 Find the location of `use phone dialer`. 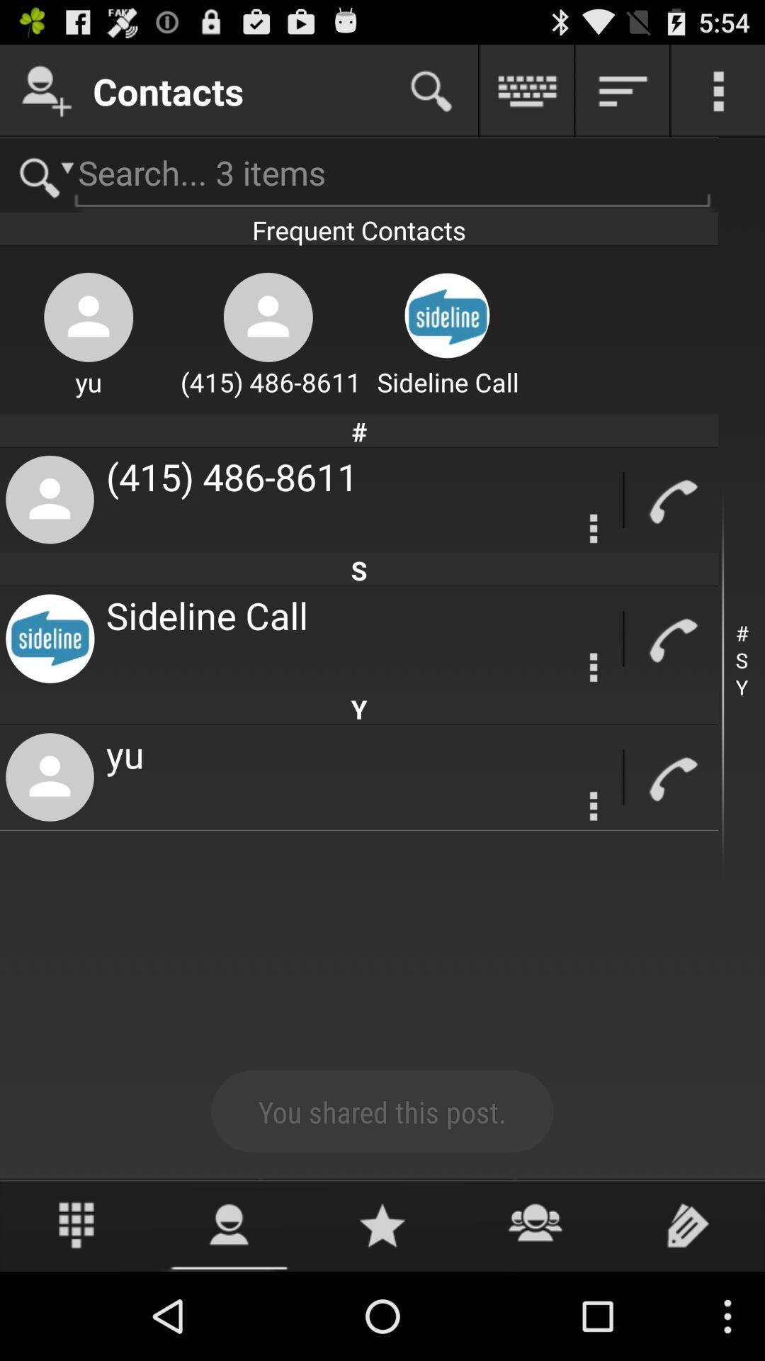

use phone dialer is located at coordinates (76, 1224).